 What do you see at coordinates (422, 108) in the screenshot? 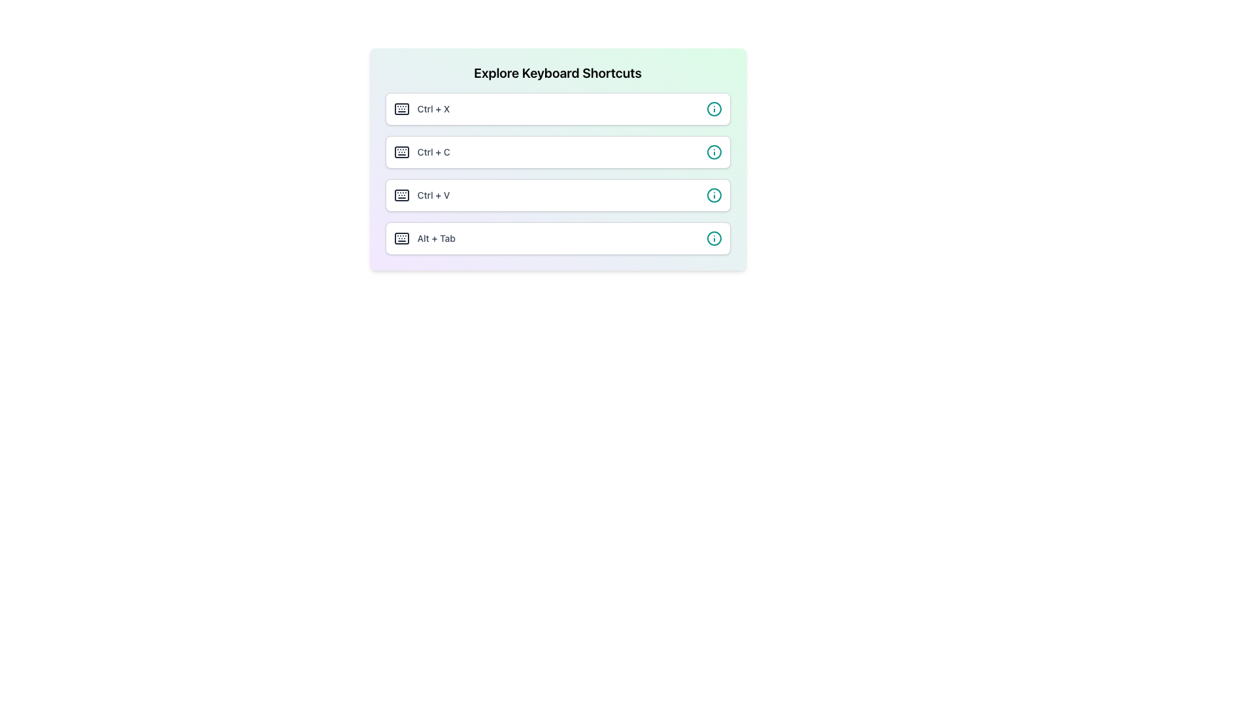
I see `the keyboard shortcut 'Ctrl + X' displayed in the text label with an icon, which is located within a rounded white card below the header 'Explore Keyboard Shortcuts'` at bounding box center [422, 108].